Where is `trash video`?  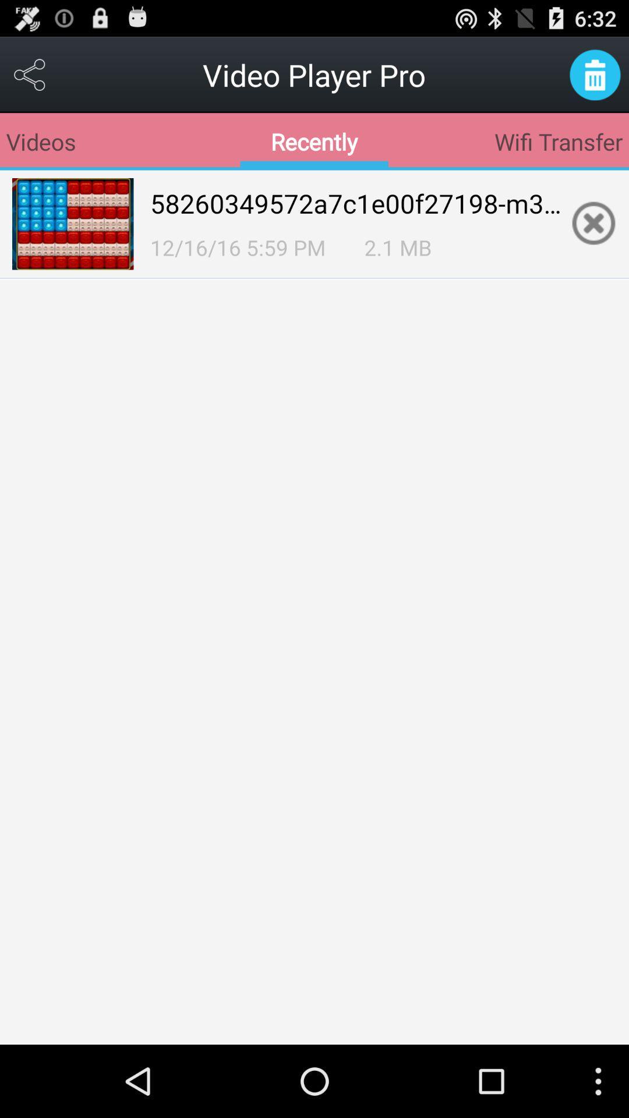
trash video is located at coordinates (595, 74).